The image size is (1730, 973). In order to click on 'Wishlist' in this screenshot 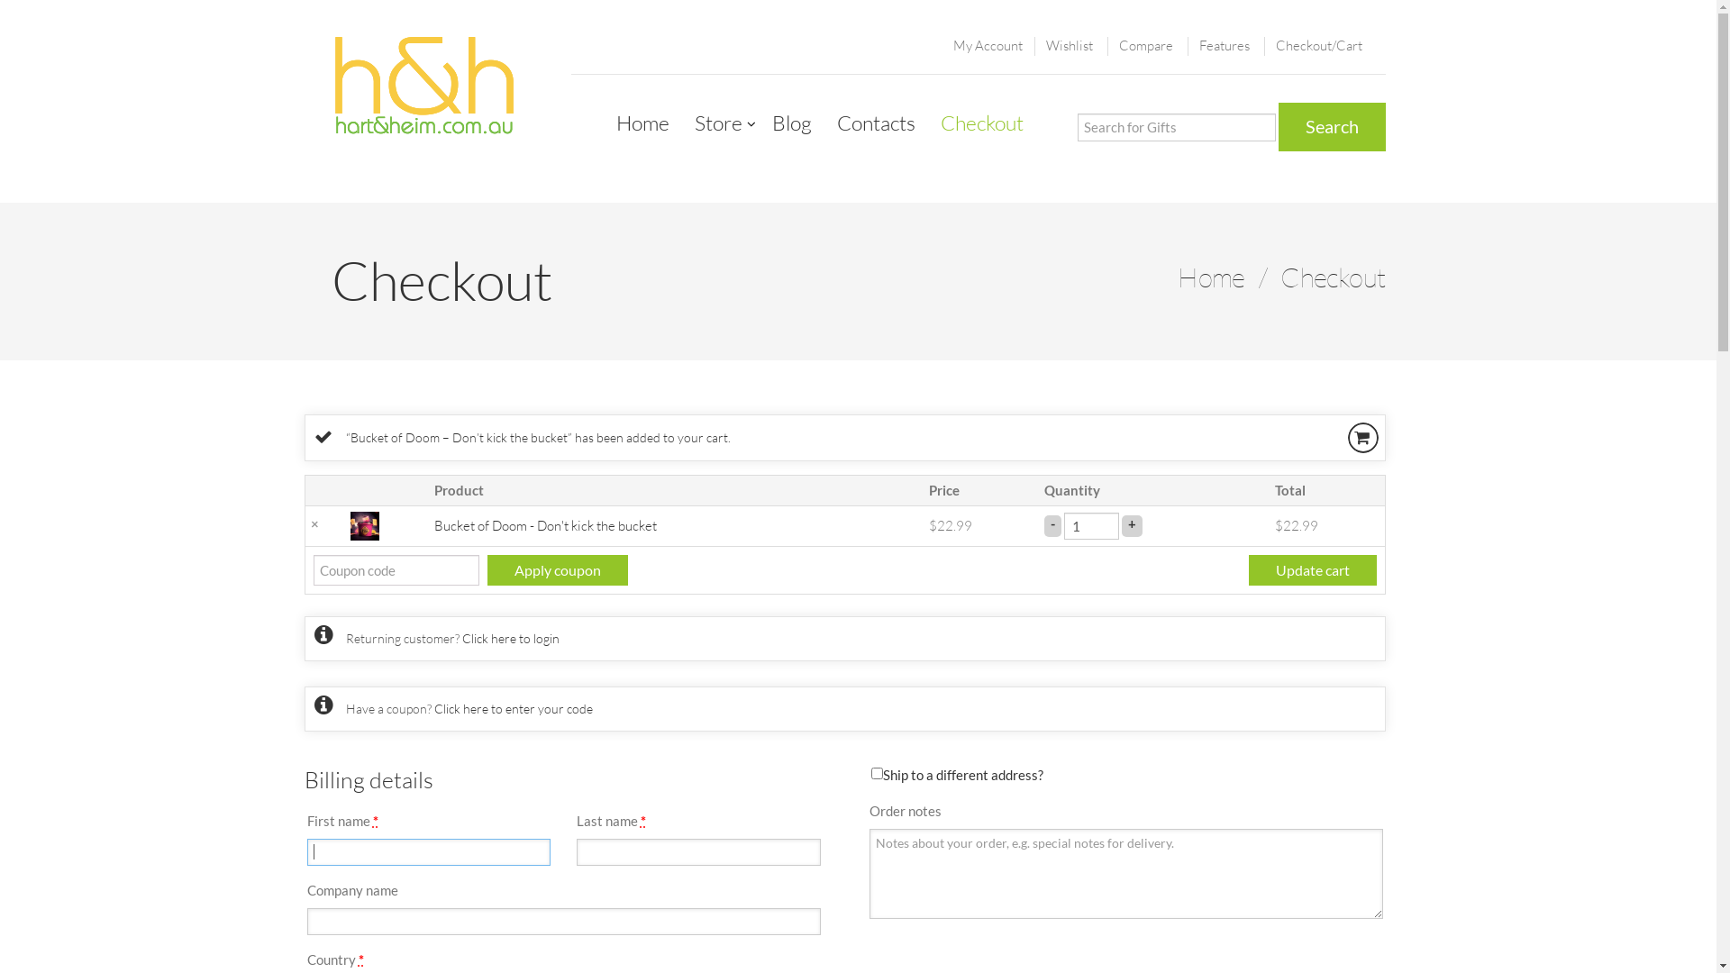, I will do `click(1068, 44)`.